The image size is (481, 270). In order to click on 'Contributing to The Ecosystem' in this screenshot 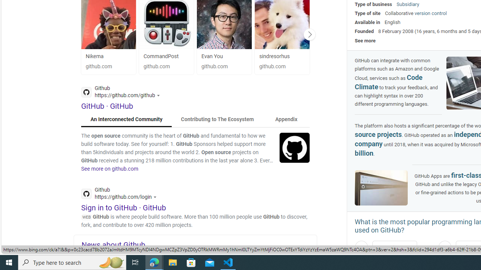, I will do `click(217, 119)`.